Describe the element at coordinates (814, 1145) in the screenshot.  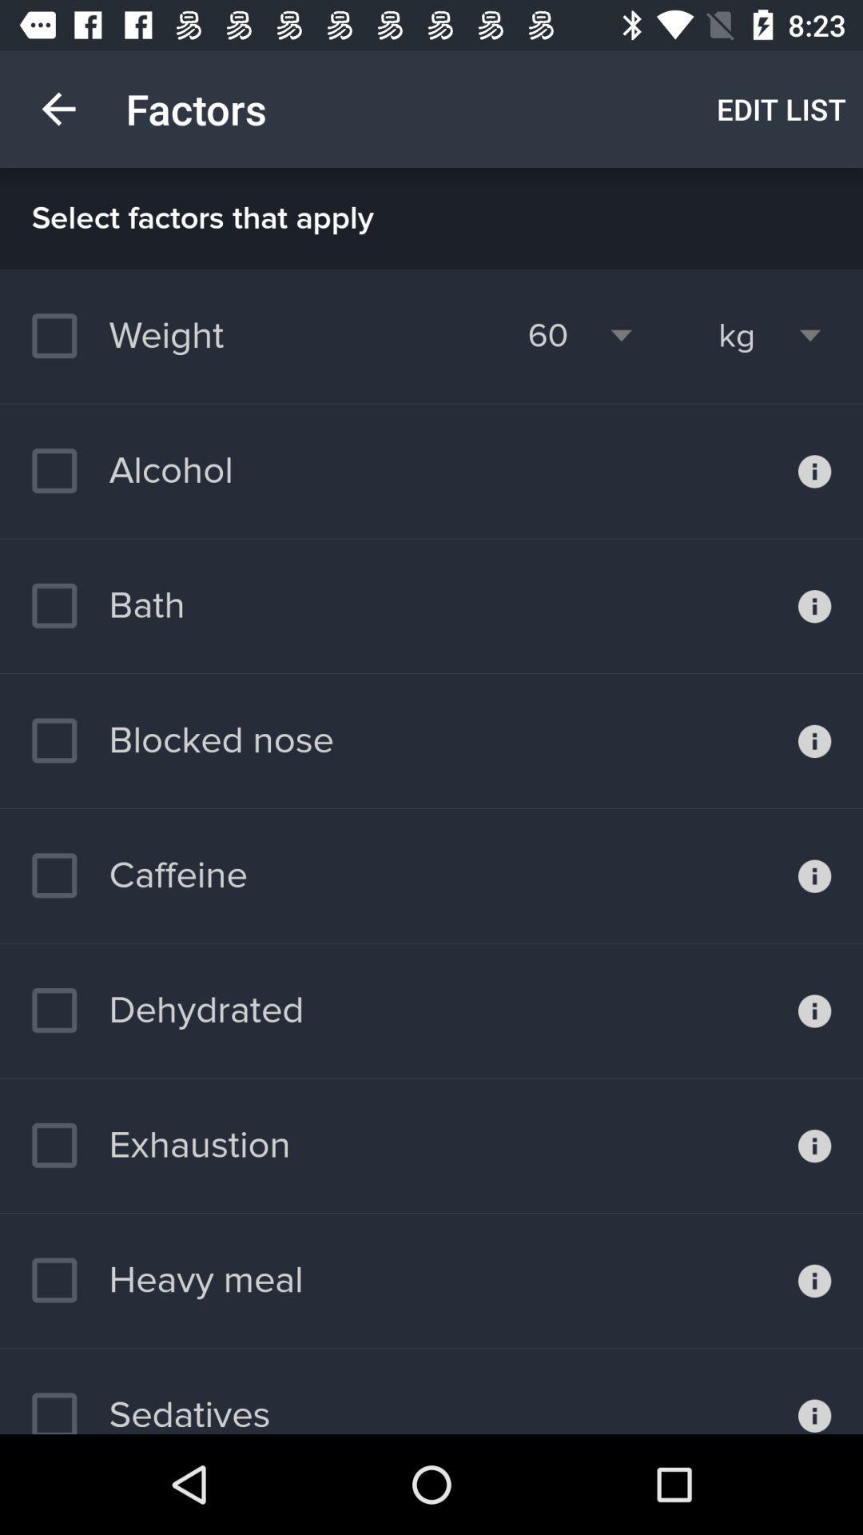
I see `information on exhaustion factor` at that location.